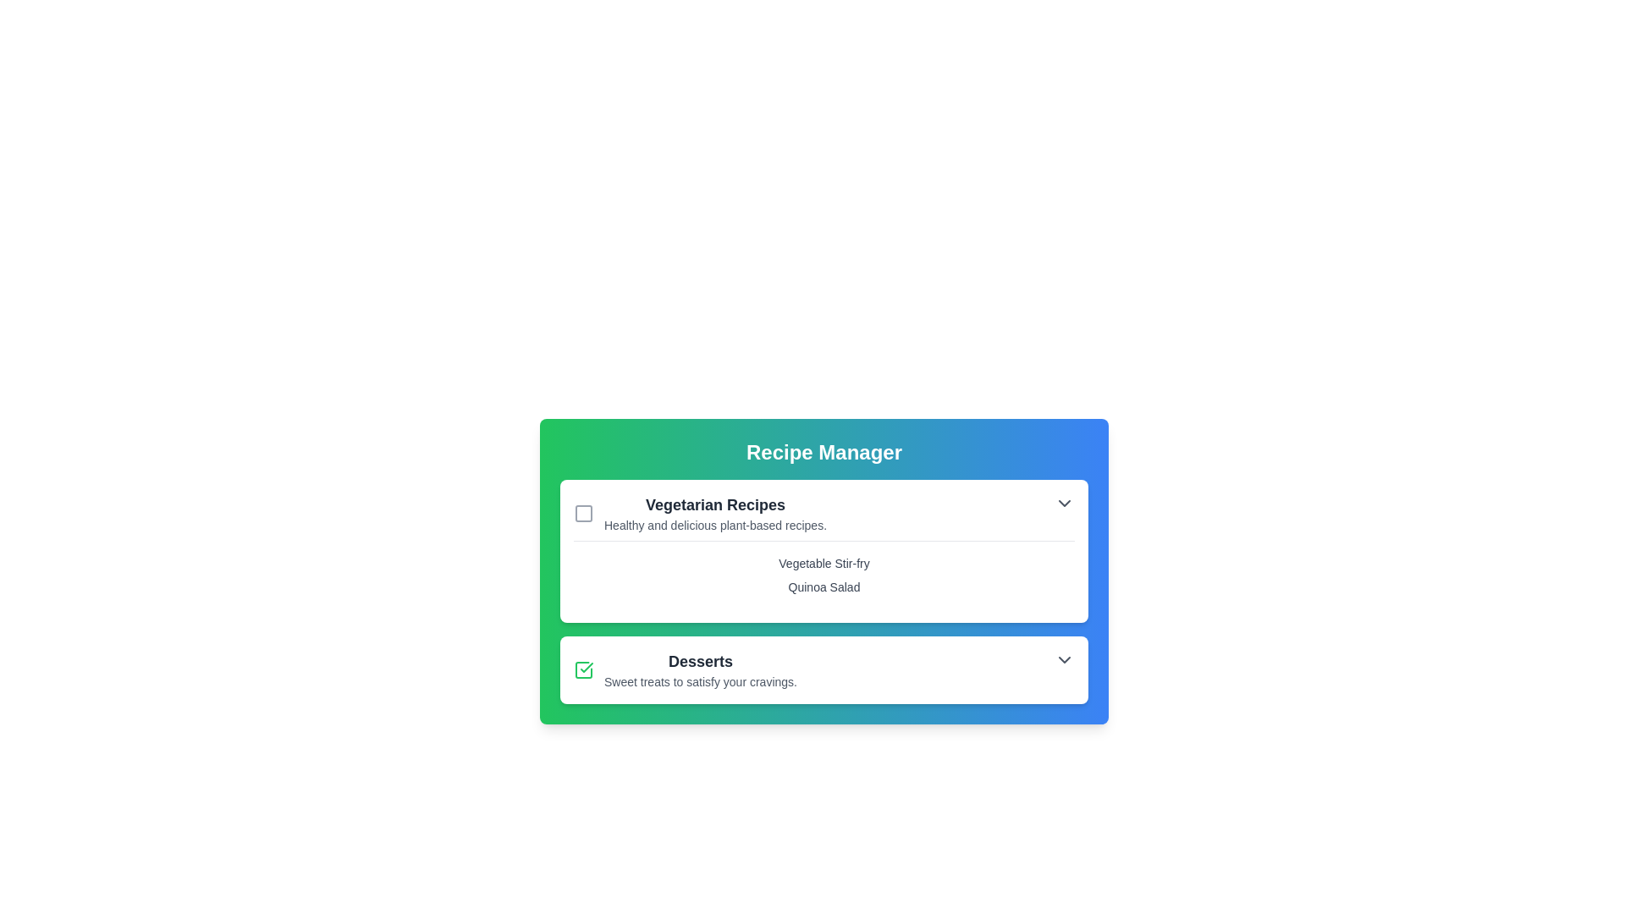  Describe the element at coordinates (700, 669) in the screenshot. I see `the header and caption UI component for the 'Desserts' section, which is located in the second section of the card-like layout, adjacent to a green check icon` at that location.